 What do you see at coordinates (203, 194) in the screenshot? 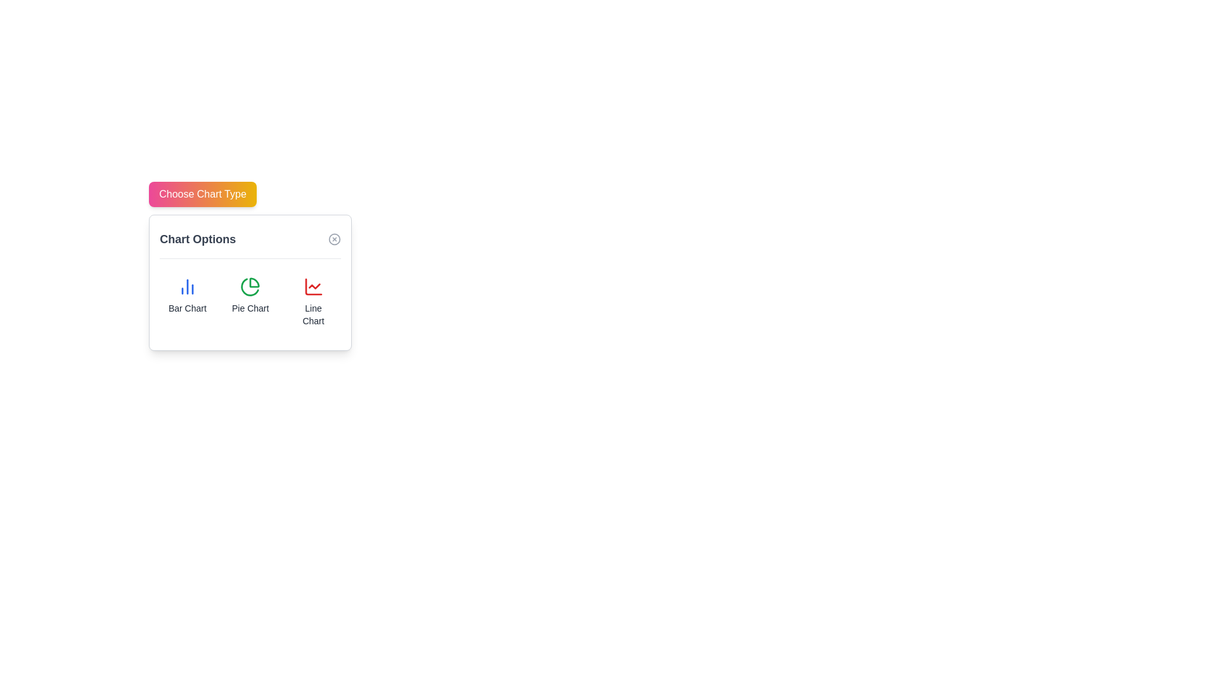
I see `the chart selection button located above the 'Chart Options' dropdown menu for accessibility navigation` at bounding box center [203, 194].